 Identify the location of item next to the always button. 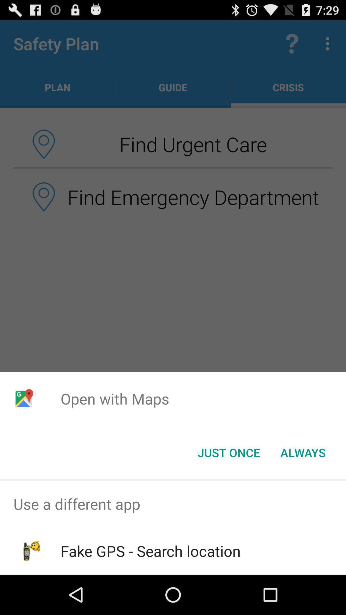
(228, 452).